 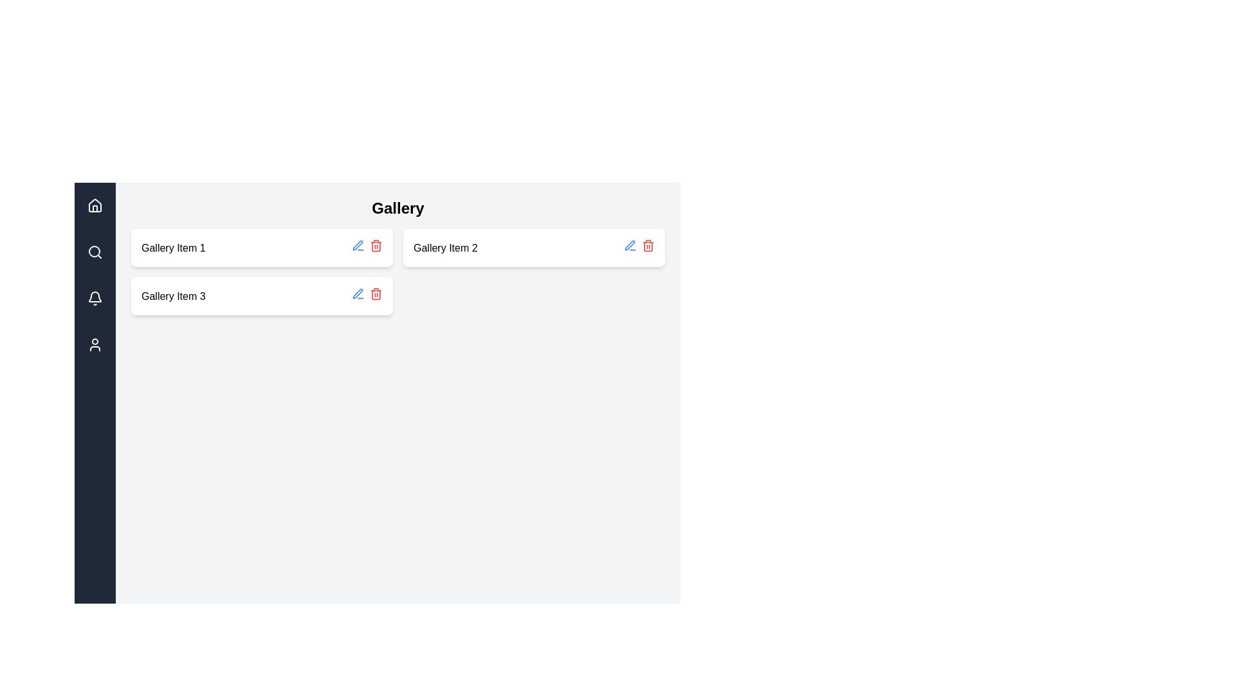 What do you see at coordinates (95, 252) in the screenshot?
I see `the magnifying glass icon, which is the second button in a vertical stack of icons in the sidebar` at bounding box center [95, 252].